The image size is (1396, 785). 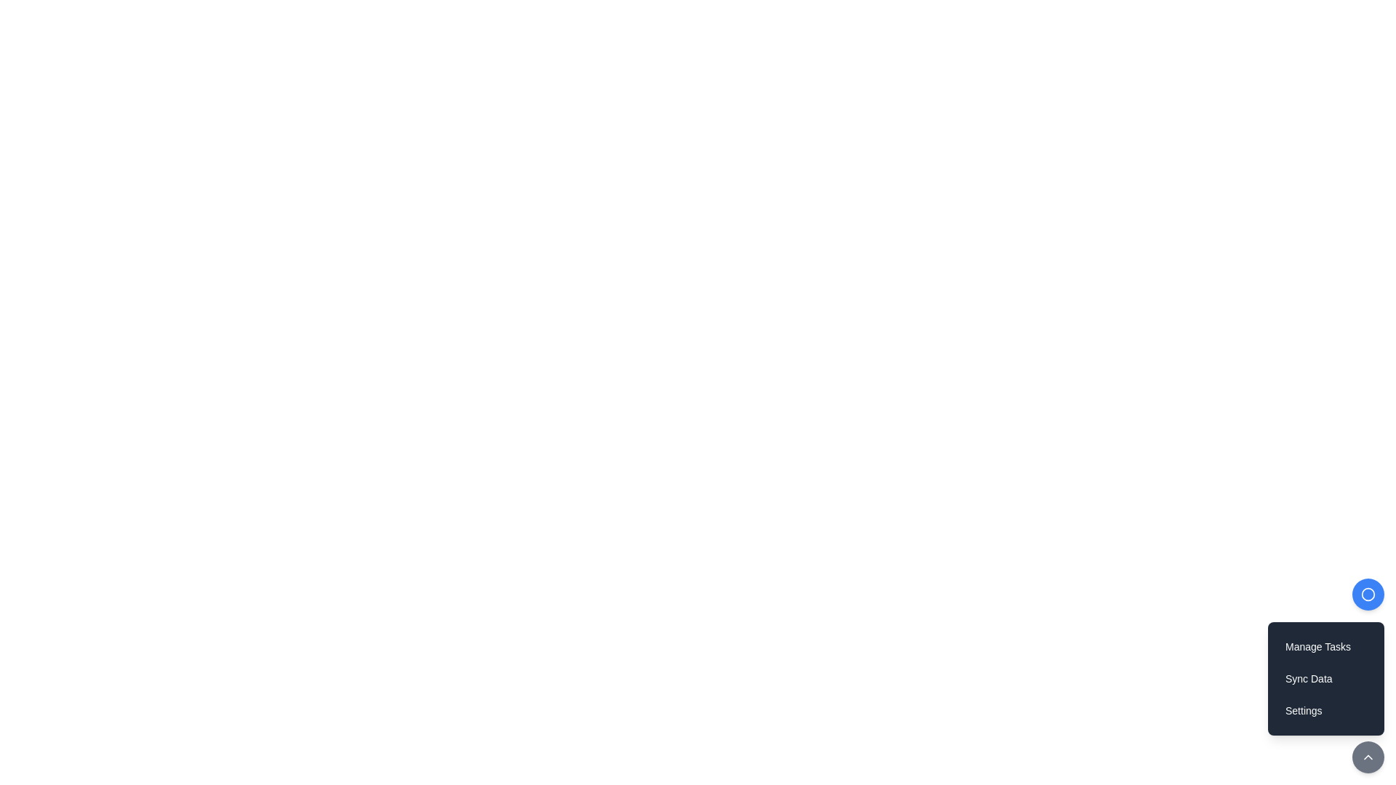 I want to click on the Chevron-Up icon located in the bottom-right corner of the interface, contained within a gray circular button, so click(x=1367, y=756).